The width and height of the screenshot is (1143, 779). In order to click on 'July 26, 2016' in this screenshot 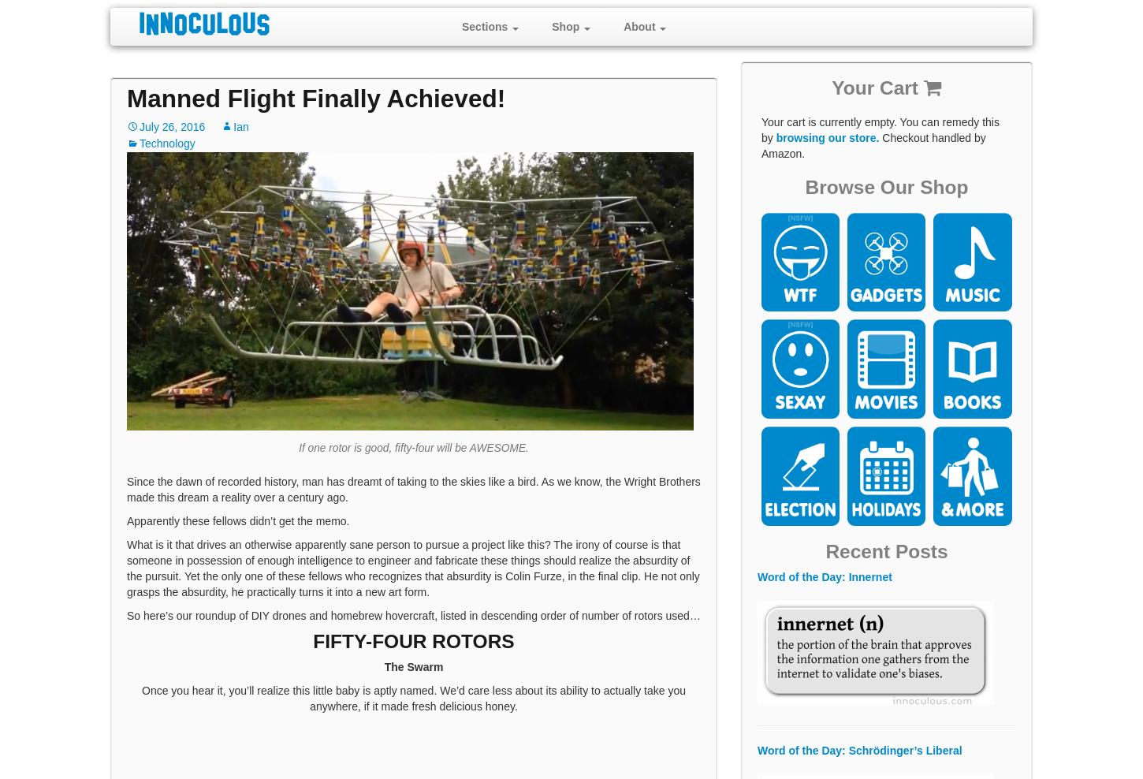, I will do `click(139, 126)`.